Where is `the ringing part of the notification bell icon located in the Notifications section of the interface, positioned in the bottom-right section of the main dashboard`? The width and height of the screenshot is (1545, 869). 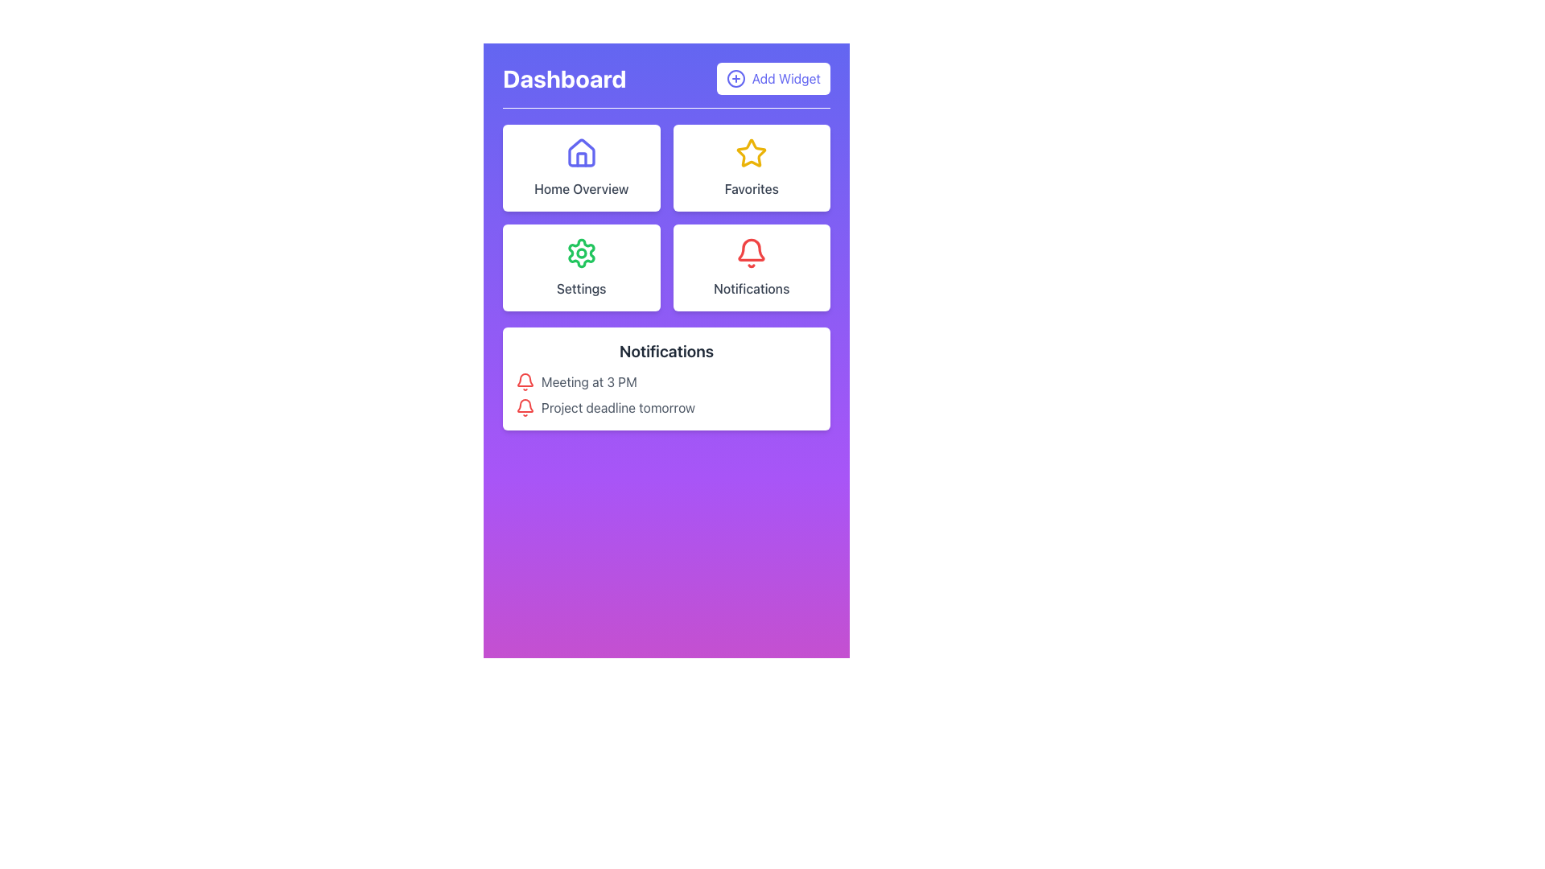 the ringing part of the notification bell icon located in the Notifications section of the interface, positioned in the bottom-right section of the main dashboard is located at coordinates (525, 380).